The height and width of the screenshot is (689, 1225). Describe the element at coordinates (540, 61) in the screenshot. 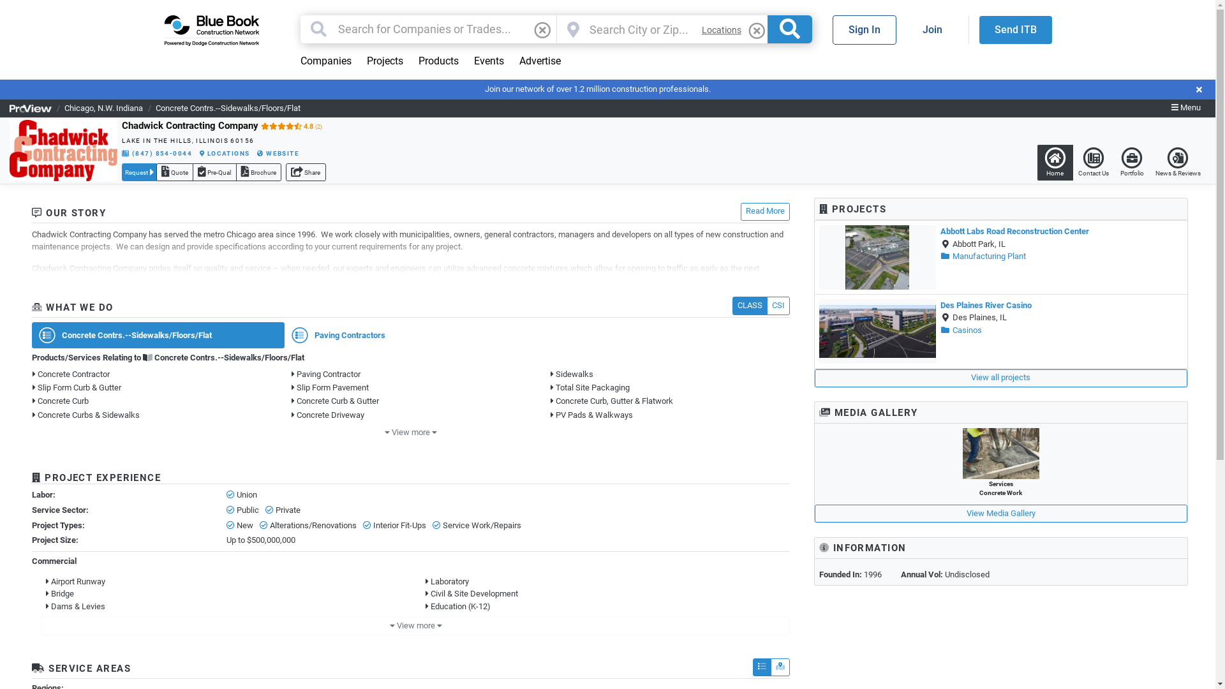

I see `'Advertise'` at that location.